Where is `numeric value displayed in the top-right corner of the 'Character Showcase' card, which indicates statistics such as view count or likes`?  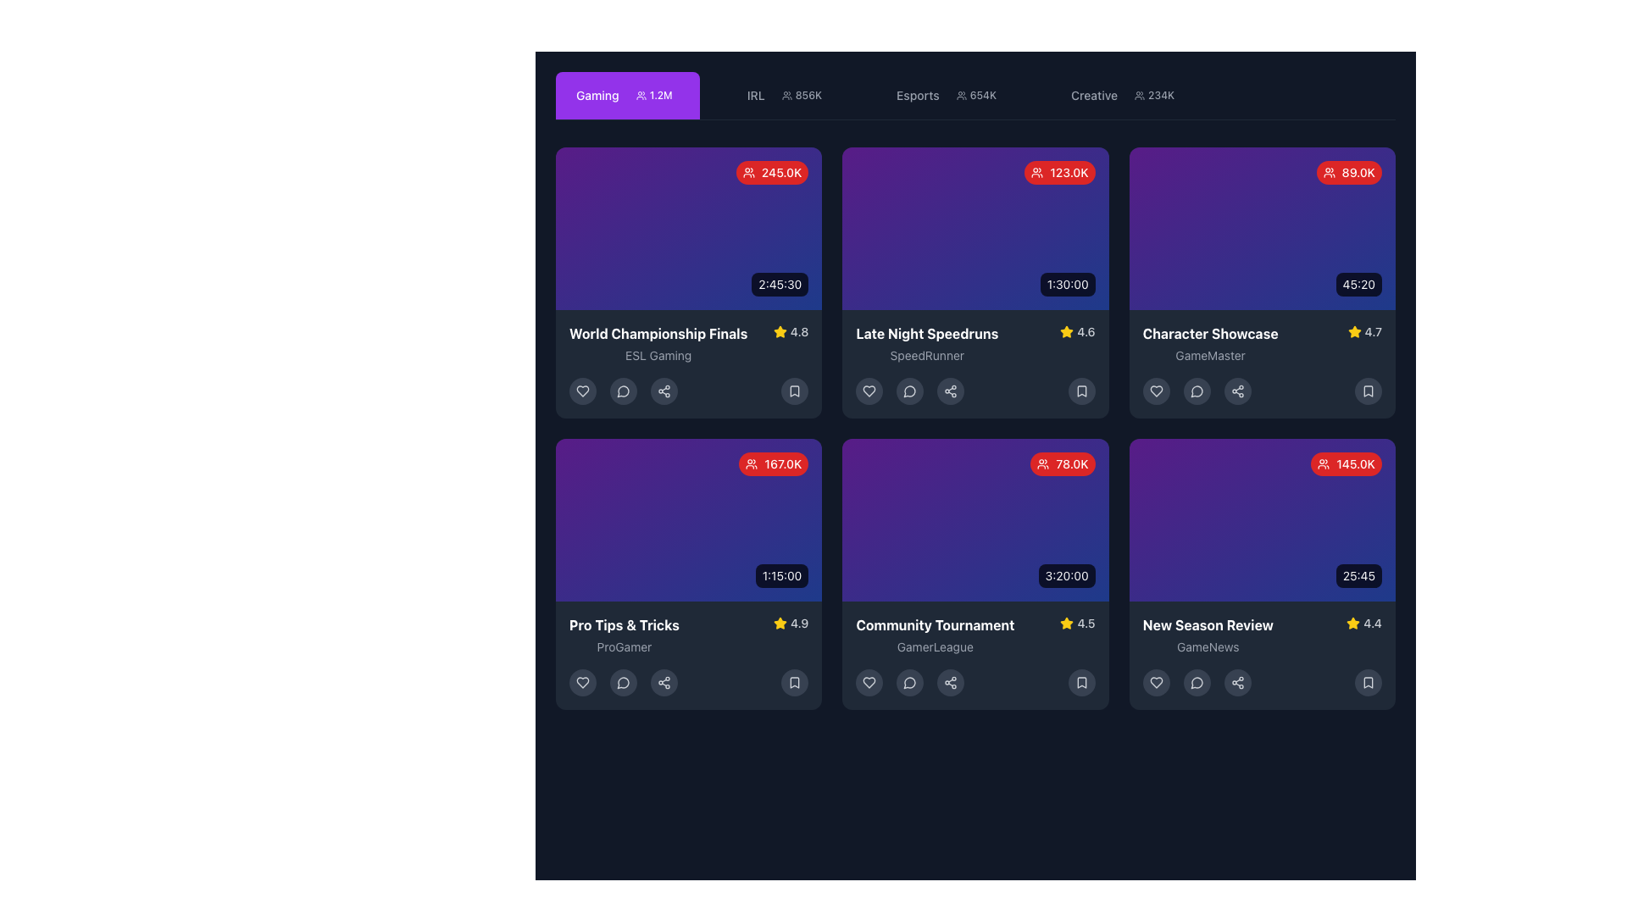
numeric value displayed in the top-right corner of the 'Character Showcase' card, which indicates statistics such as view count or likes is located at coordinates (1358, 173).